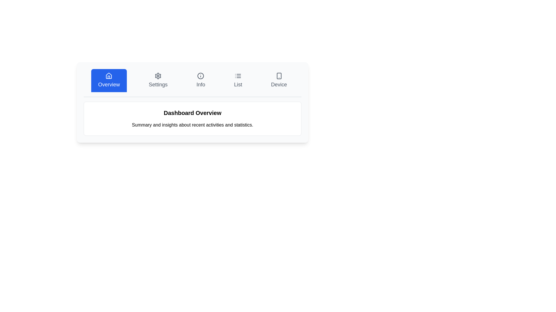  What do you see at coordinates (238, 75) in the screenshot?
I see `the minimalist list icon, which consists of three horizontal lines with rounded edges and three dots on the left side of each line, located above the 'List' text in the navigation tab interface` at bounding box center [238, 75].